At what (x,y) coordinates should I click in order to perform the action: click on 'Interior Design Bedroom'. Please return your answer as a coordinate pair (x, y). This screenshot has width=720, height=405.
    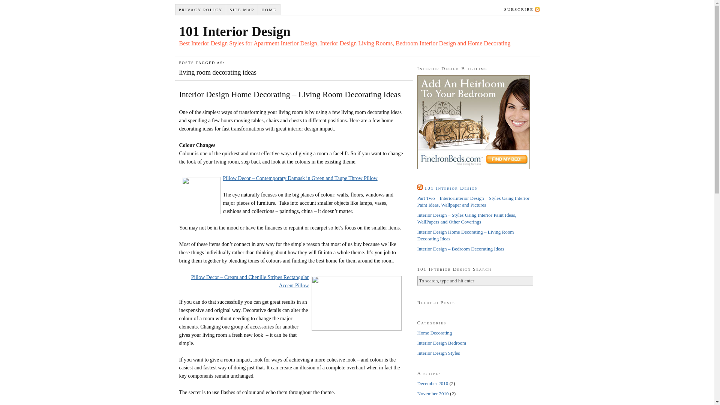
    Looking at the image, I should click on (417, 343).